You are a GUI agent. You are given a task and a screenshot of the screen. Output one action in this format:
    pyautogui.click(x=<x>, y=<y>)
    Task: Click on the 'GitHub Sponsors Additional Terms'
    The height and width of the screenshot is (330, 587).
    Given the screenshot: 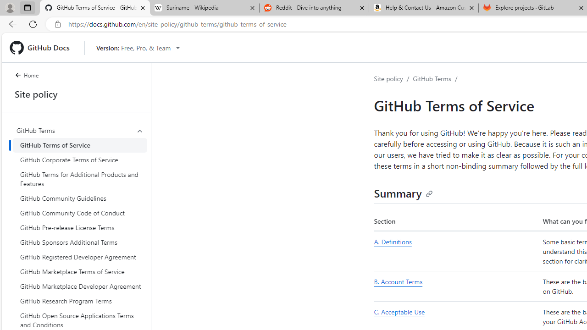 What is the action you would take?
    pyautogui.click(x=80, y=242)
    